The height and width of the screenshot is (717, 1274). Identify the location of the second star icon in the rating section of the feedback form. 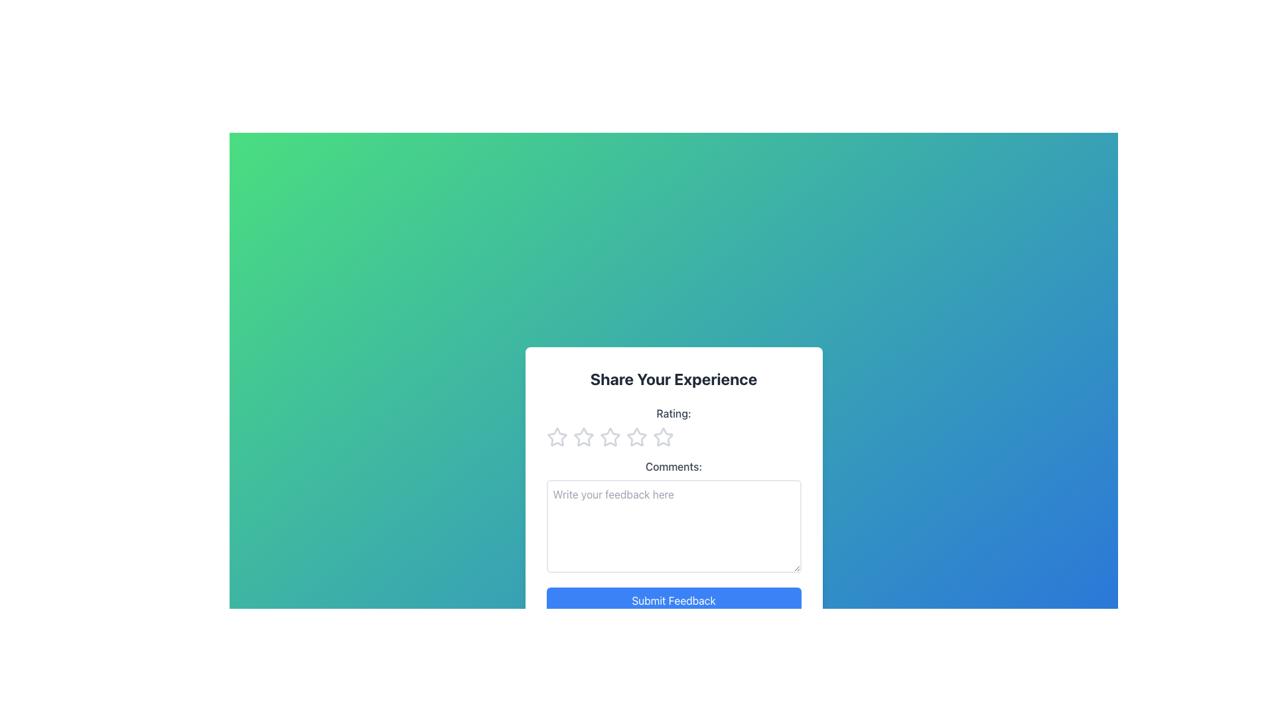
(583, 437).